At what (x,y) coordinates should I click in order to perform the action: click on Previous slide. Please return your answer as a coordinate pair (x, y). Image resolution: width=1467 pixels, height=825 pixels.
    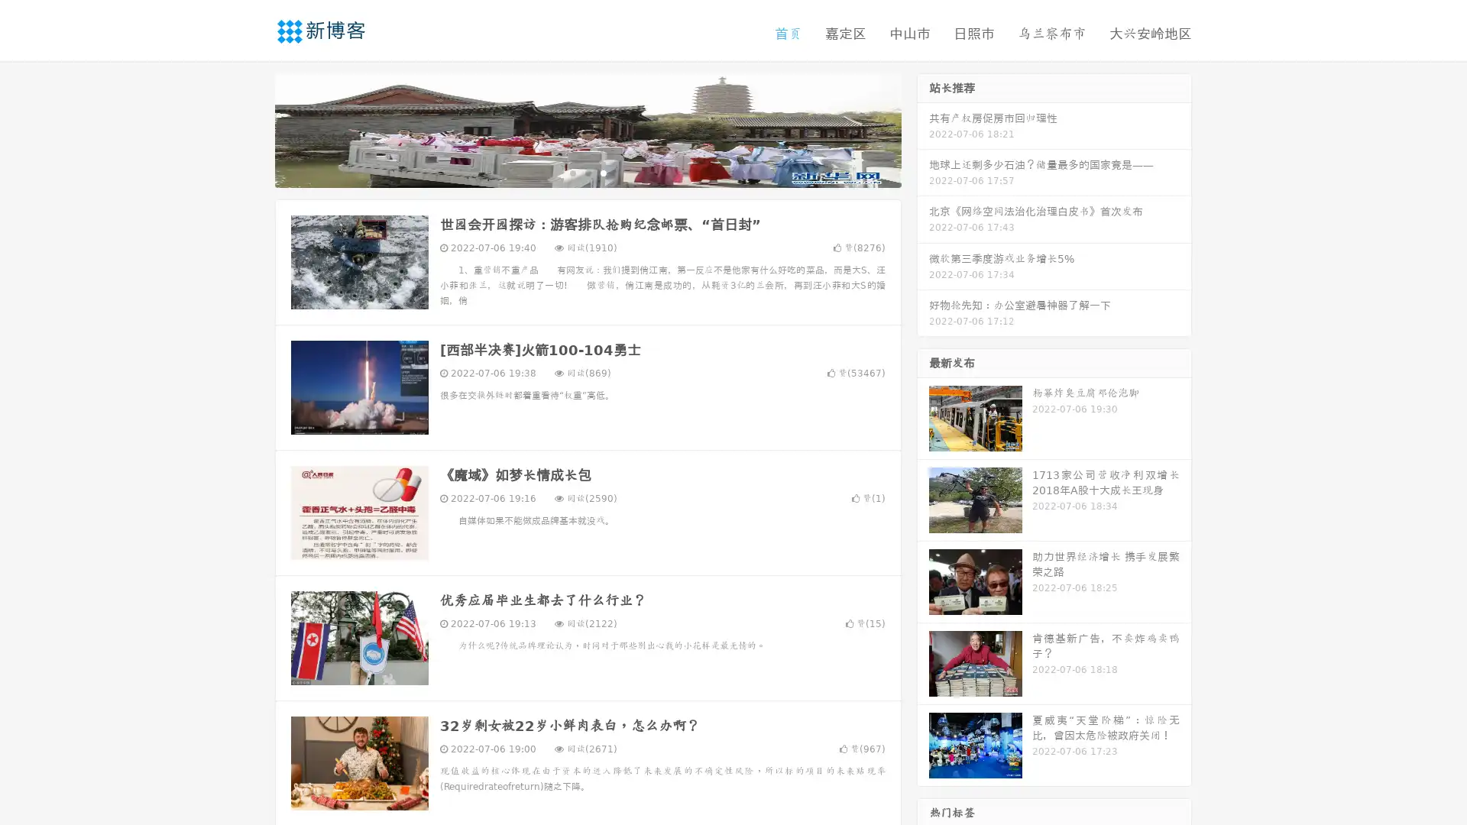
    Looking at the image, I should click on (252, 128).